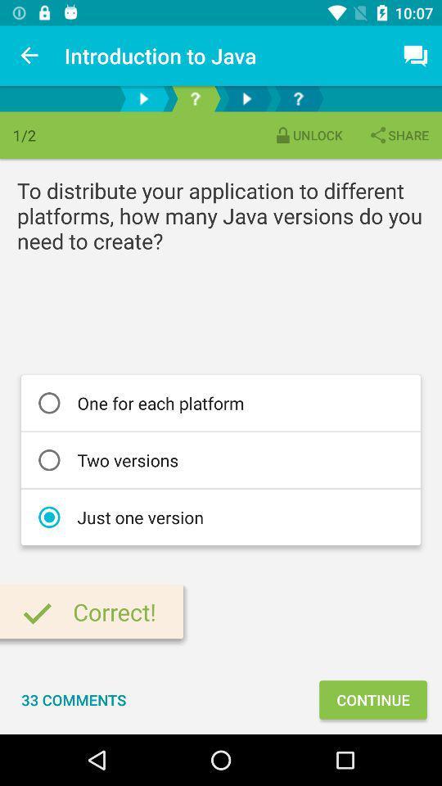  I want to click on help, so click(195, 98).